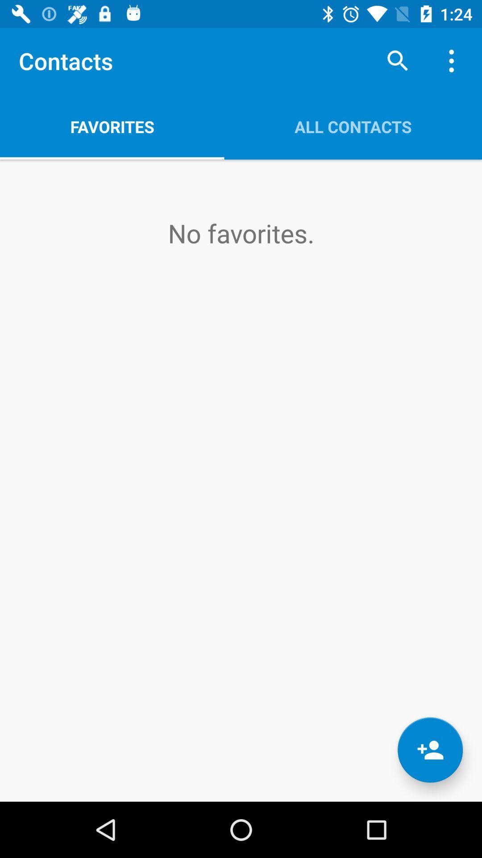 Image resolution: width=482 pixels, height=858 pixels. What do you see at coordinates (430, 750) in the screenshot?
I see `item at the bottom right corner` at bounding box center [430, 750].